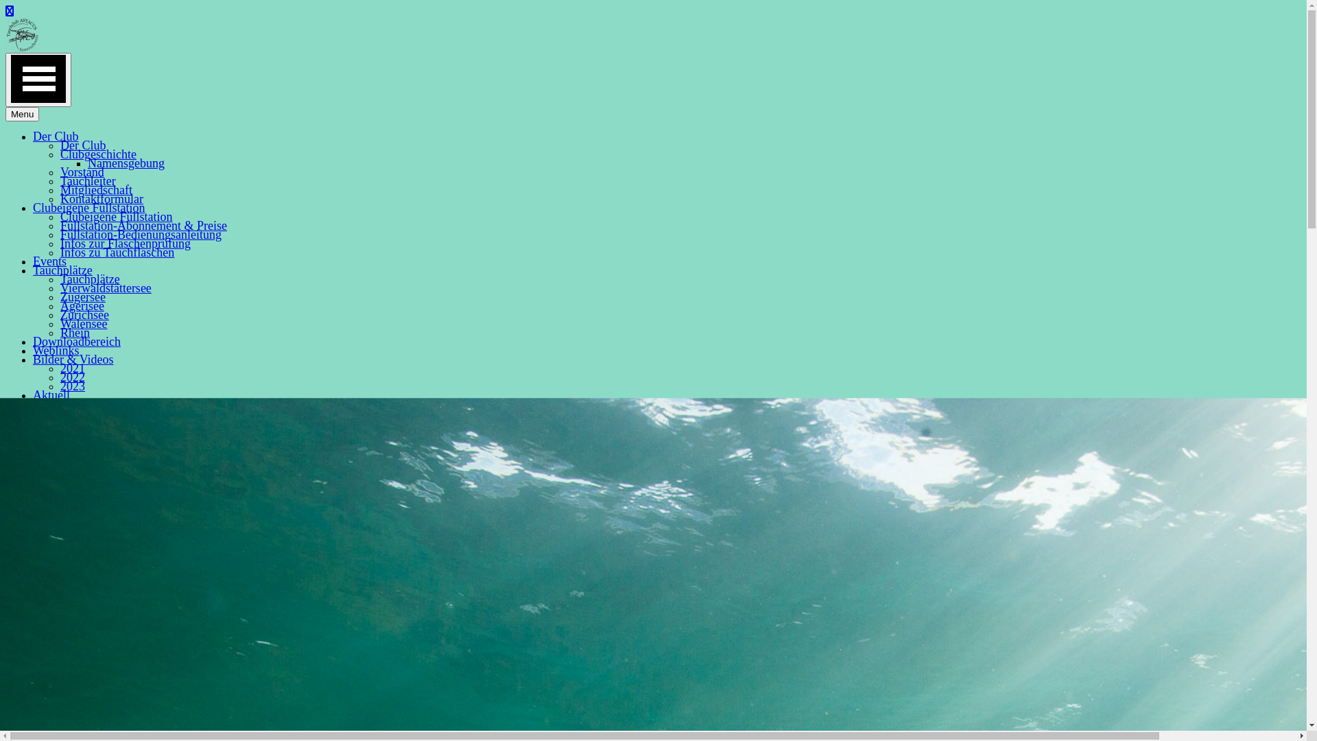 This screenshot has width=1317, height=741. I want to click on 'Der Club', so click(82, 145).